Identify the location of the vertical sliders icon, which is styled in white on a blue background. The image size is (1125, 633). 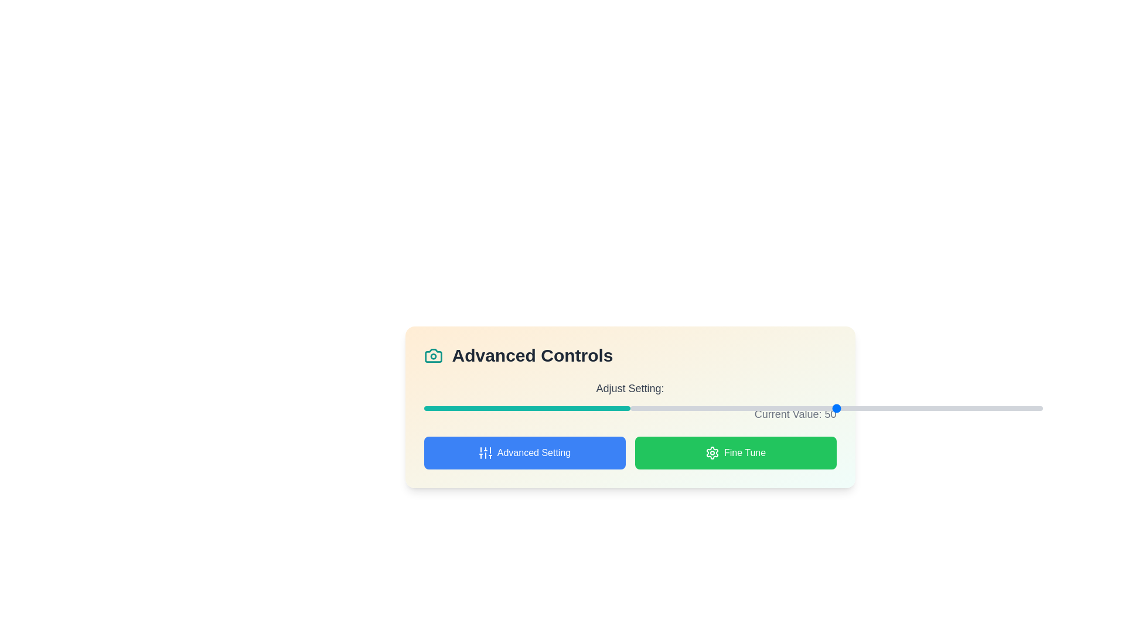
(485, 452).